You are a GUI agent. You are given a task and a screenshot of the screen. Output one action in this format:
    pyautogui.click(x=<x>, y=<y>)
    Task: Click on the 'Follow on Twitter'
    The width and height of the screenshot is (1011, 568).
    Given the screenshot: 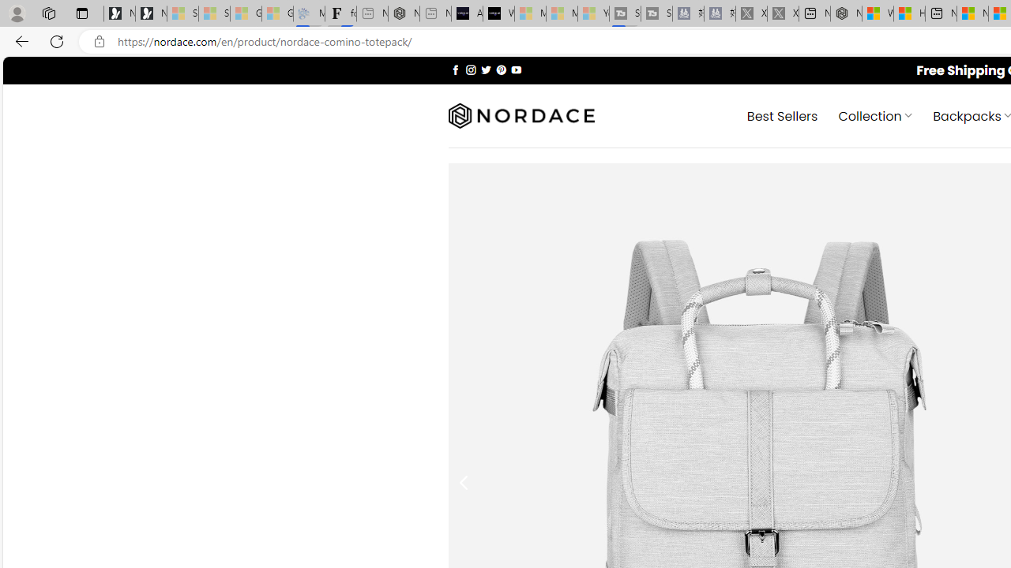 What is the action you would take?
    pyautogui.click(x=485, y=69)
    